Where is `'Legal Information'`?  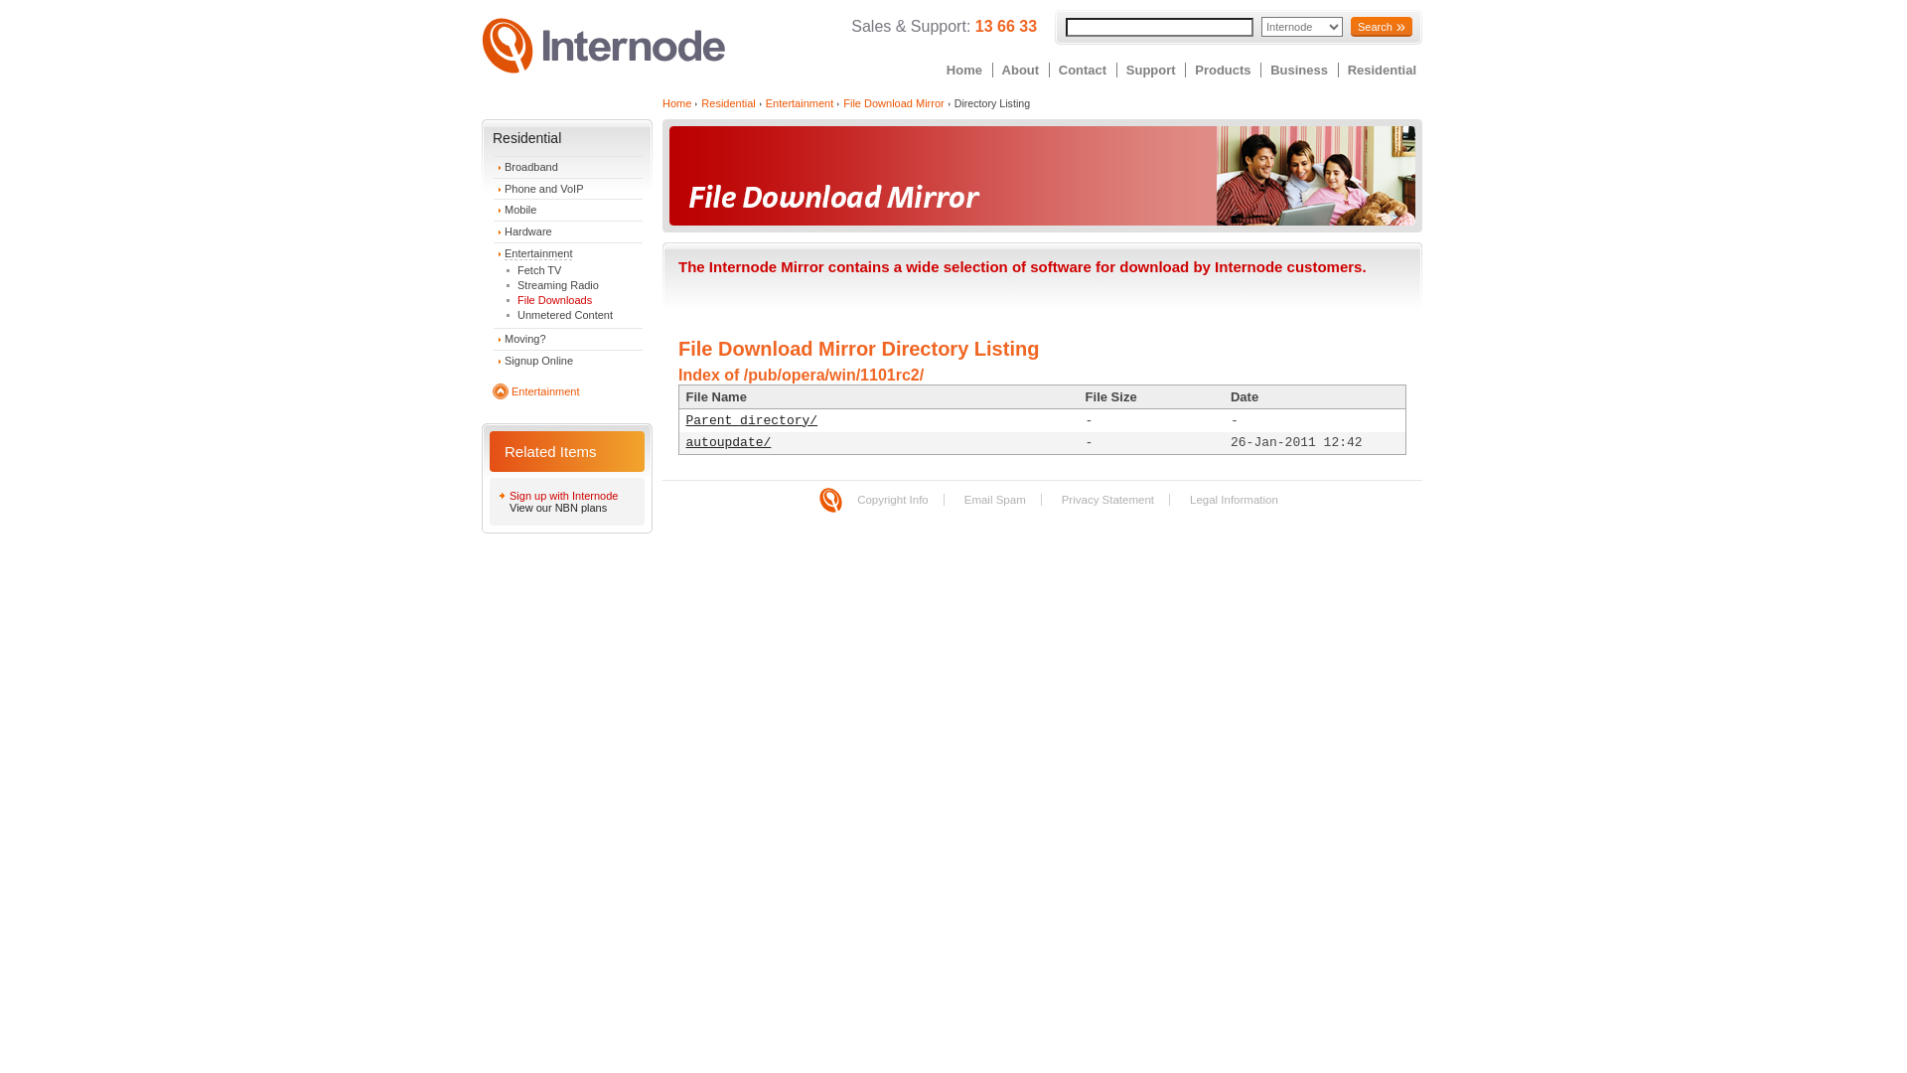
'Legal Information' is located at coordinates (1180, 498).